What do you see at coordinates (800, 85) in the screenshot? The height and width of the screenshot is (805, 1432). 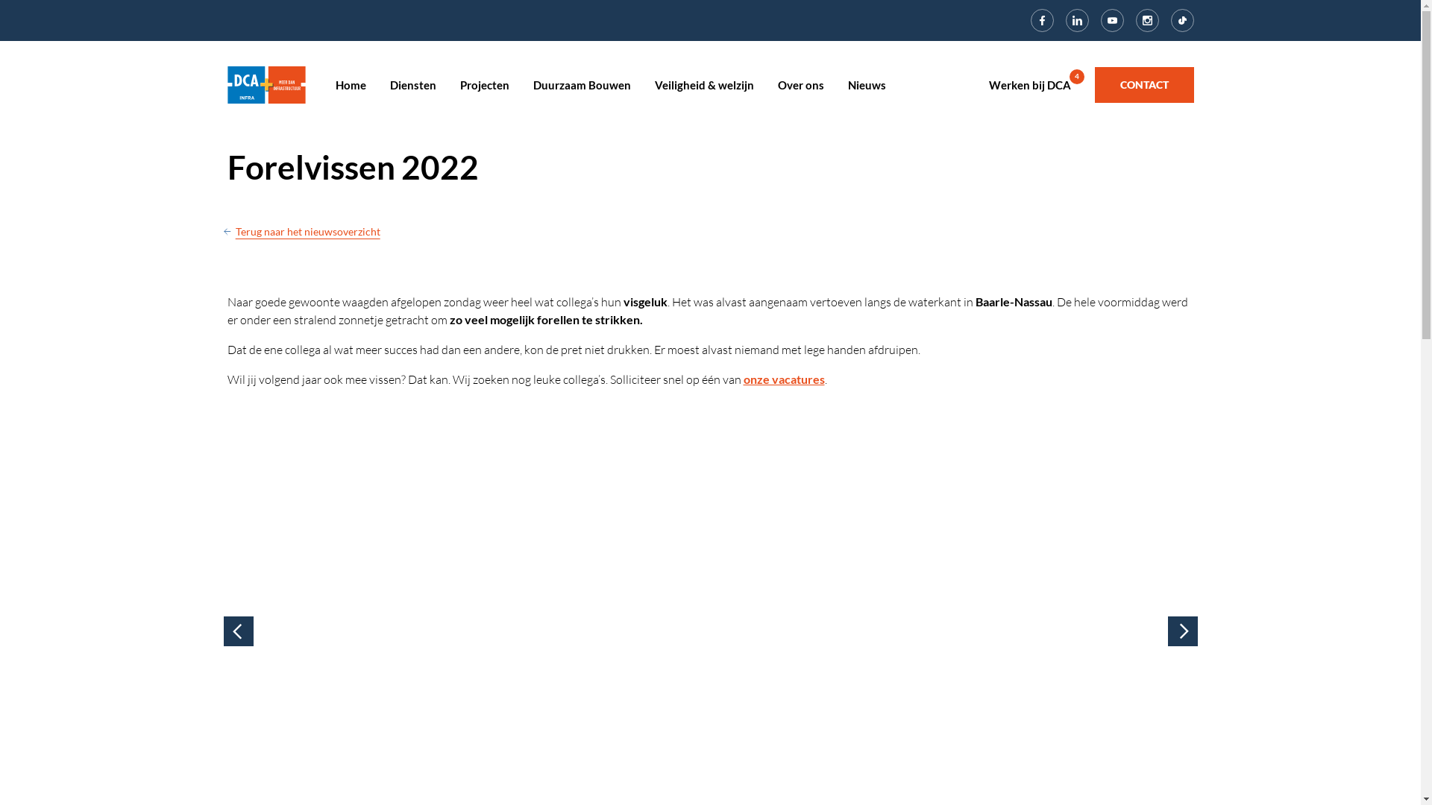 I see `'Over ons'` at bounding box center [800, 85].